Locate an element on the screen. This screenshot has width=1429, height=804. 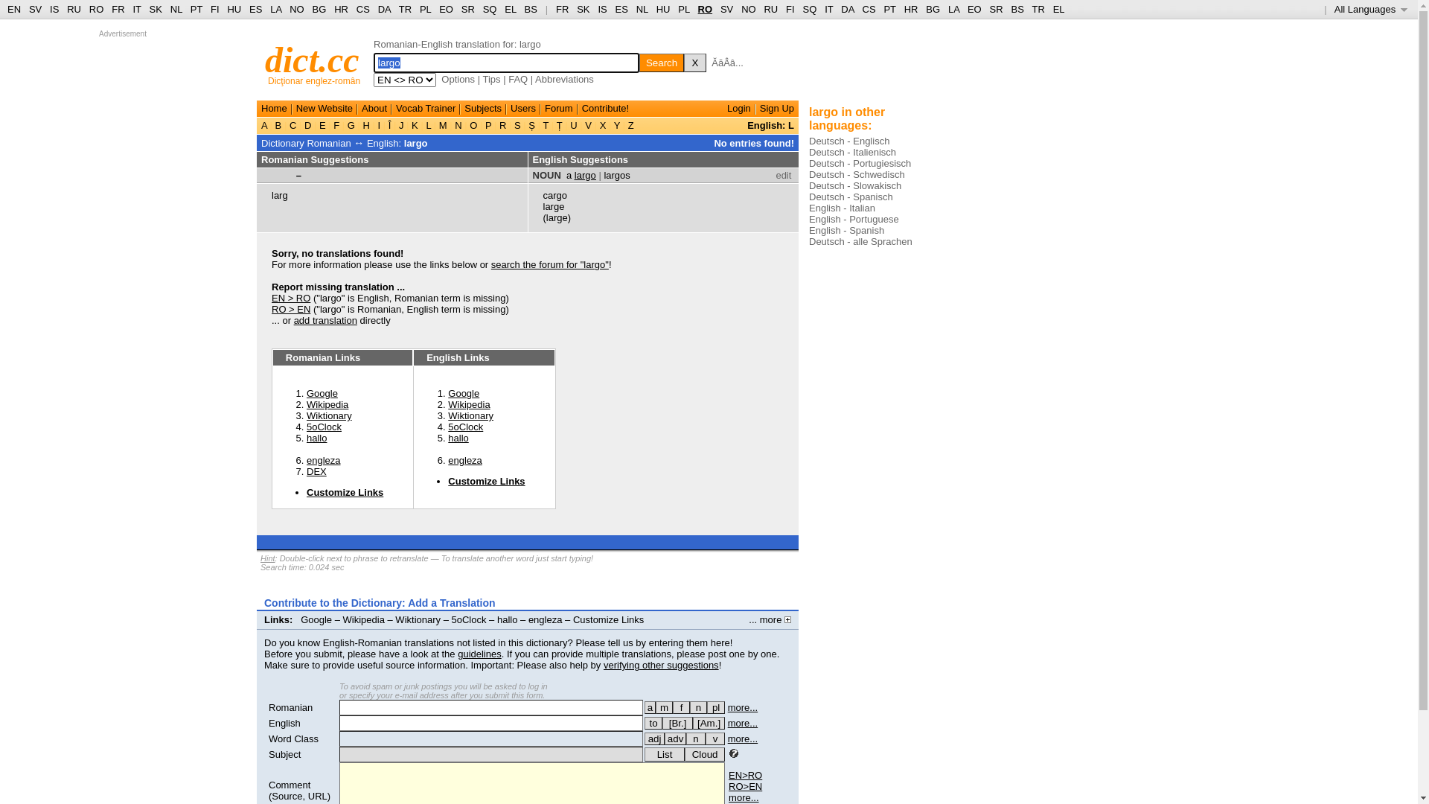
'm' is located at coordinates (663, 706).